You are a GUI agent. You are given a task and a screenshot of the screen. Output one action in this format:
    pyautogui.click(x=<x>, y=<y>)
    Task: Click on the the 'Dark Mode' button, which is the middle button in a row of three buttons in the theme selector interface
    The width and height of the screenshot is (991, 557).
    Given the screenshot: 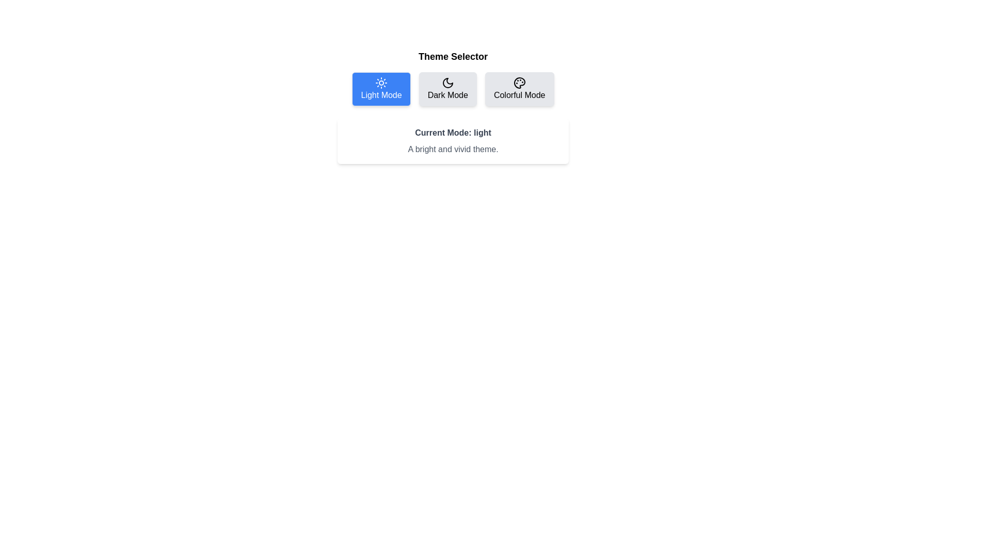 What is the action you would take?
    pyautogui.click(x=447, y=89)
    